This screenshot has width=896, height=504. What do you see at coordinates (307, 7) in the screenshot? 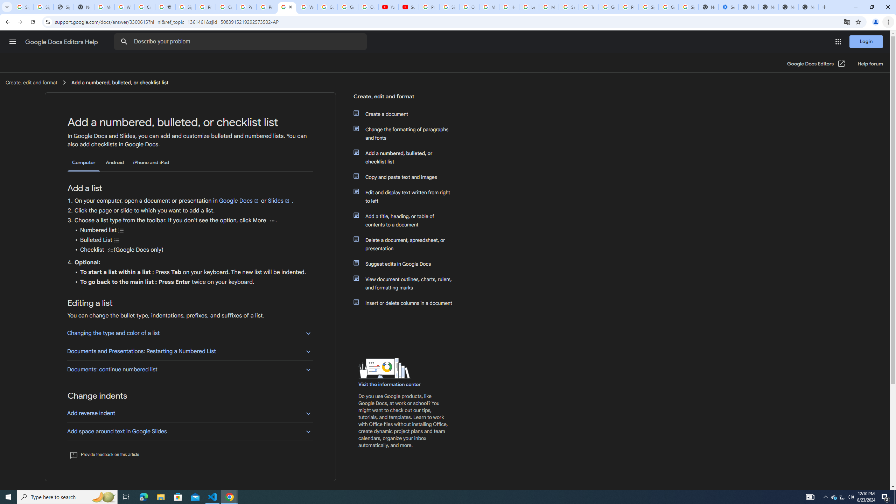
I see `'Welcome to My Activity'` at bounding box center [307, 7].